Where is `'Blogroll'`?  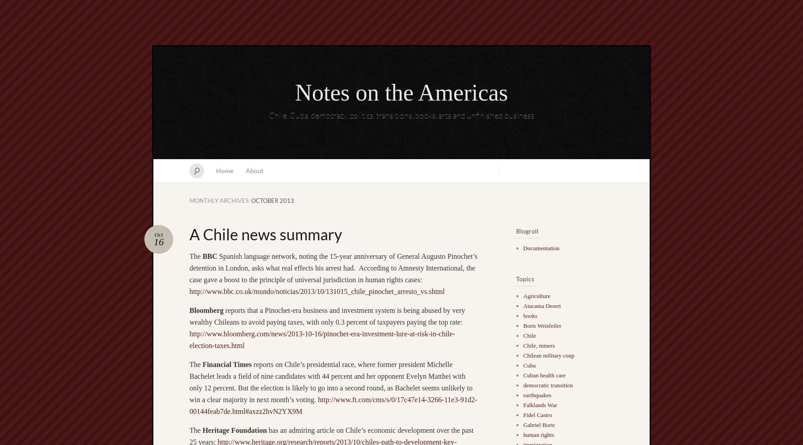
'Blogroll' is located at coordinates (526, 230).